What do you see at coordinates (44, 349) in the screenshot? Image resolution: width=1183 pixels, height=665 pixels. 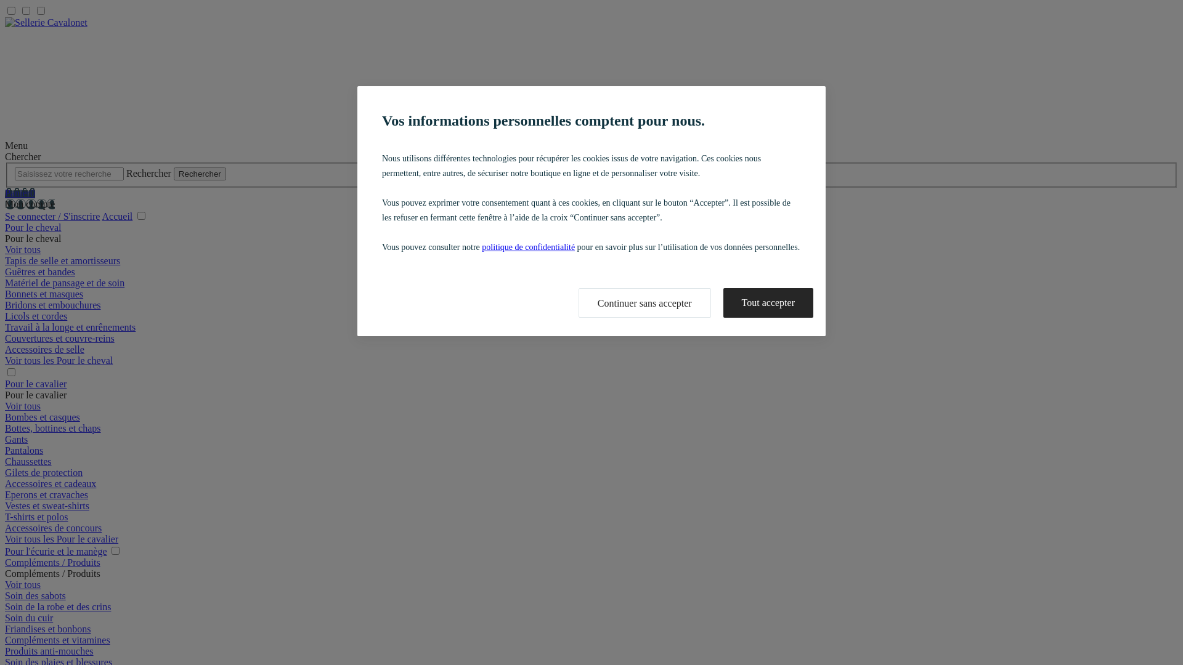 I see `'Accessoires de selle'` at bounding box center [44, 349].